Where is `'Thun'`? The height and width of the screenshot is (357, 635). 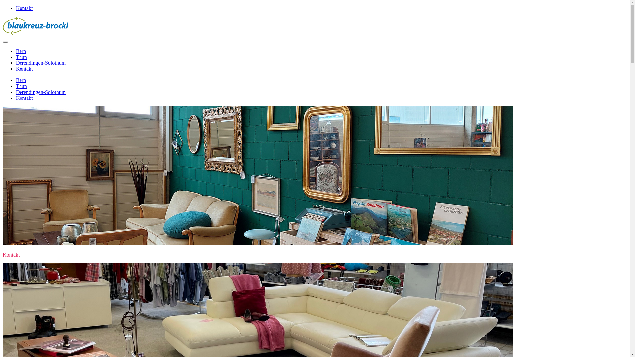 'Thun' is located at coordinates (21, 86).